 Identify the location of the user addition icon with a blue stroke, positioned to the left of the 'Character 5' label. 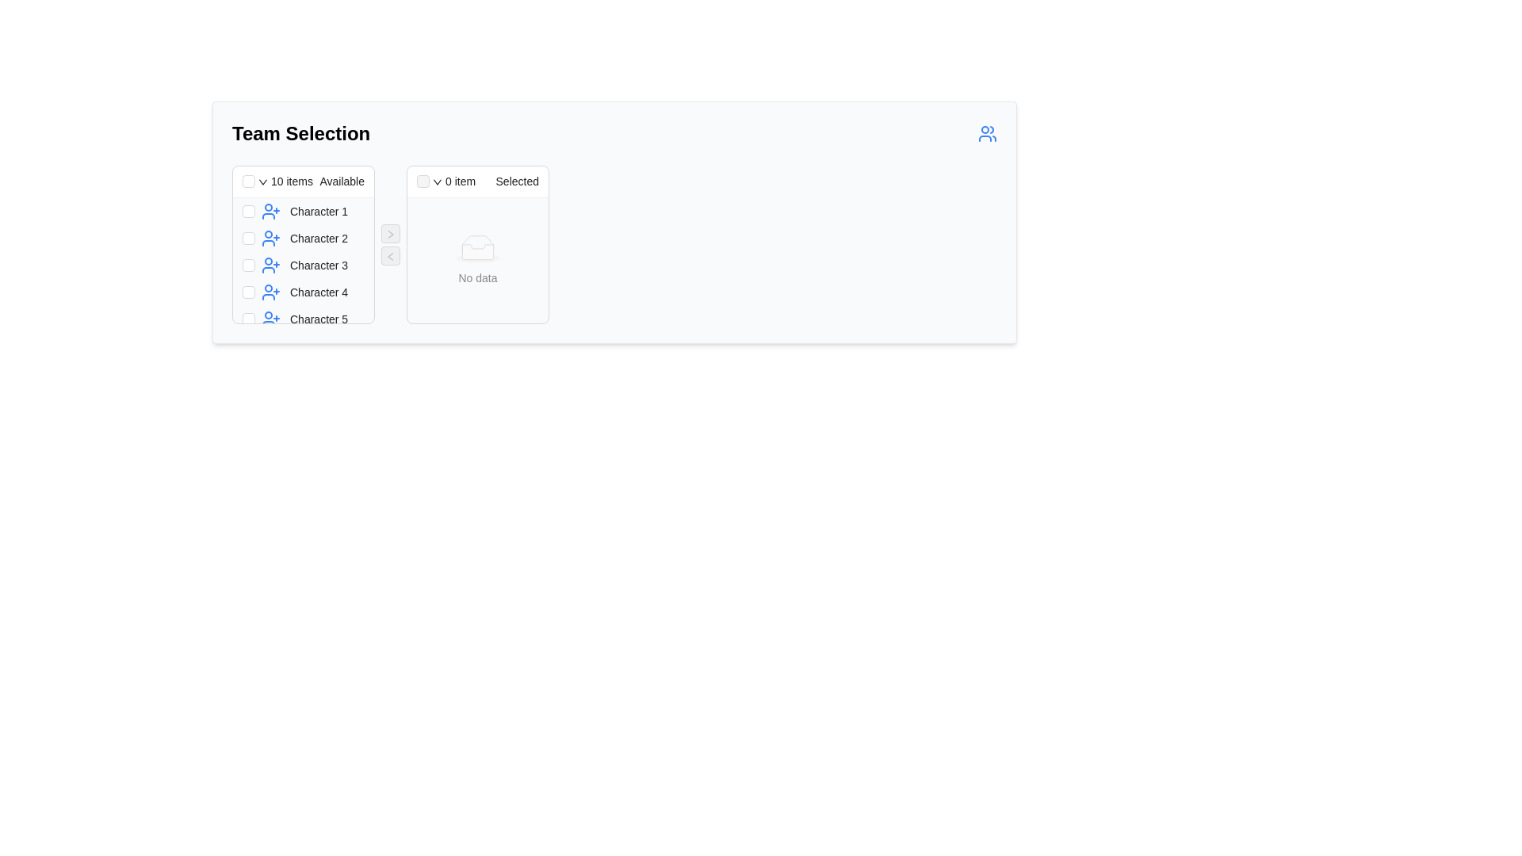
(270, 319).